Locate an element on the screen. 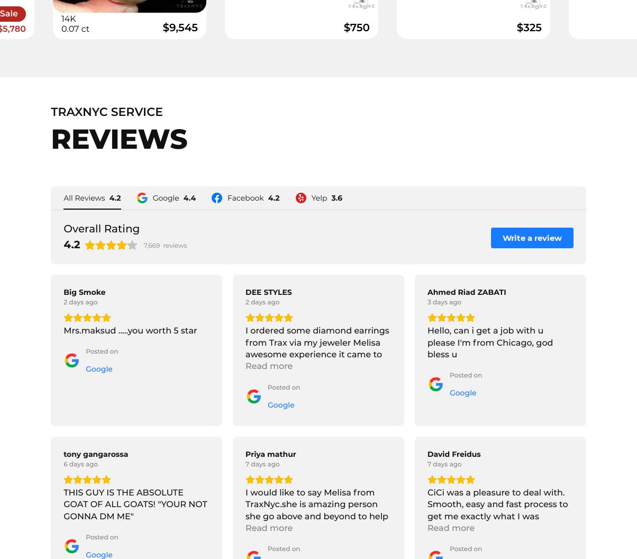  'Big Smoke' is located at coordinates (84, 292).